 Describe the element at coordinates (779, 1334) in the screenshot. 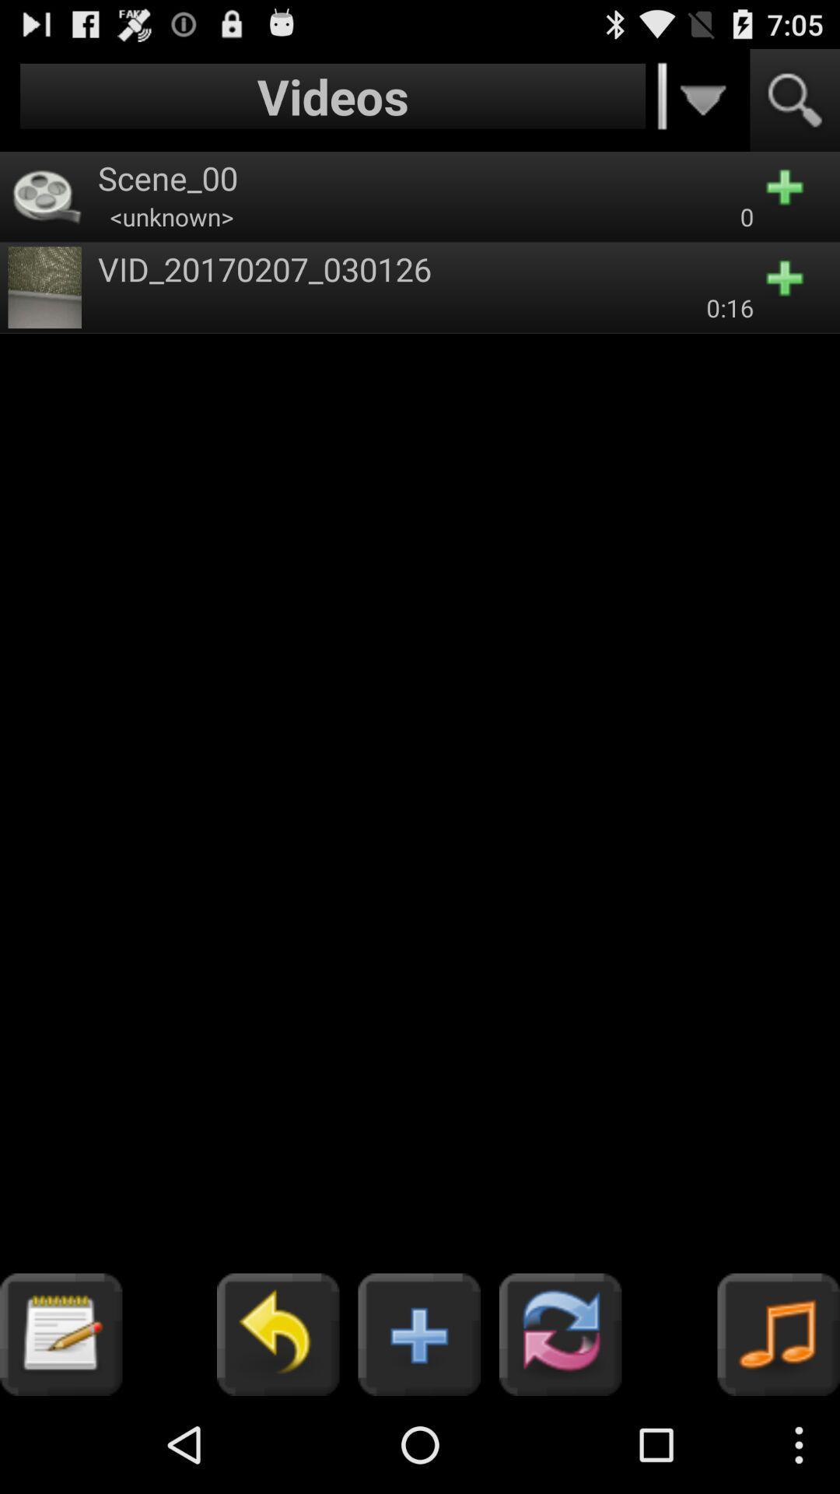

I see `the music icon on the bottom right corner of the web page` at that location.